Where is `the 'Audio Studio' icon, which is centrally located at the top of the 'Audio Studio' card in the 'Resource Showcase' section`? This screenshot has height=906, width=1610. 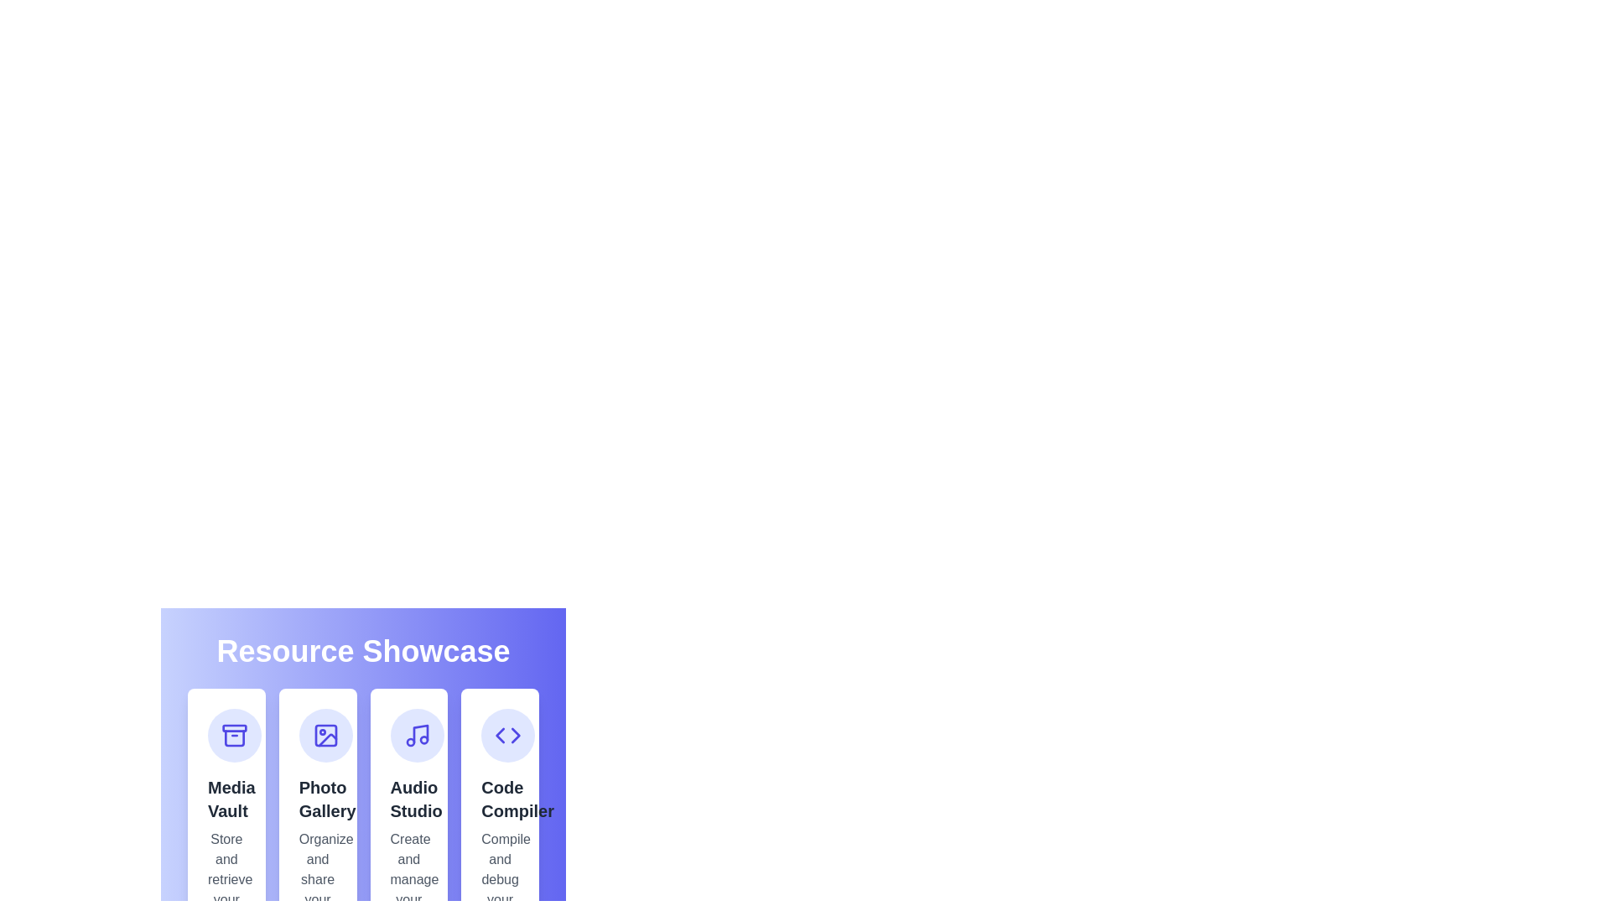
the 'Audio Studio' icon, which is centrally located at the top of the 'Audio Studio' card in the 'Resource Showcase' section is located at coordinates (417, 734).